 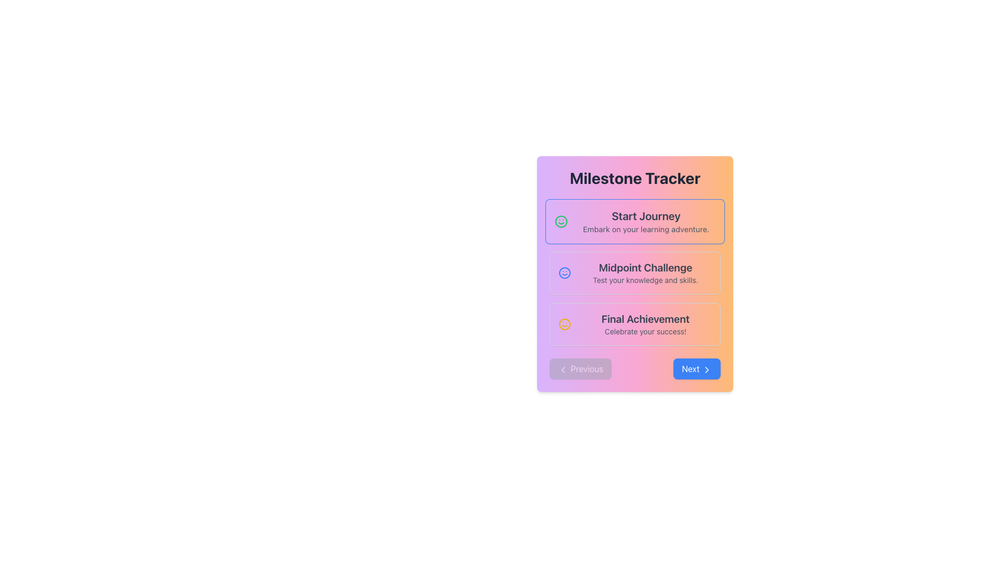 I want to click on text of the label serving as the title for the third milestone entry in the 'Milestone Tracker' card, located below 'Midpoint Challenge' and above 'Celebrate your success!', so click(x=645, y=319).